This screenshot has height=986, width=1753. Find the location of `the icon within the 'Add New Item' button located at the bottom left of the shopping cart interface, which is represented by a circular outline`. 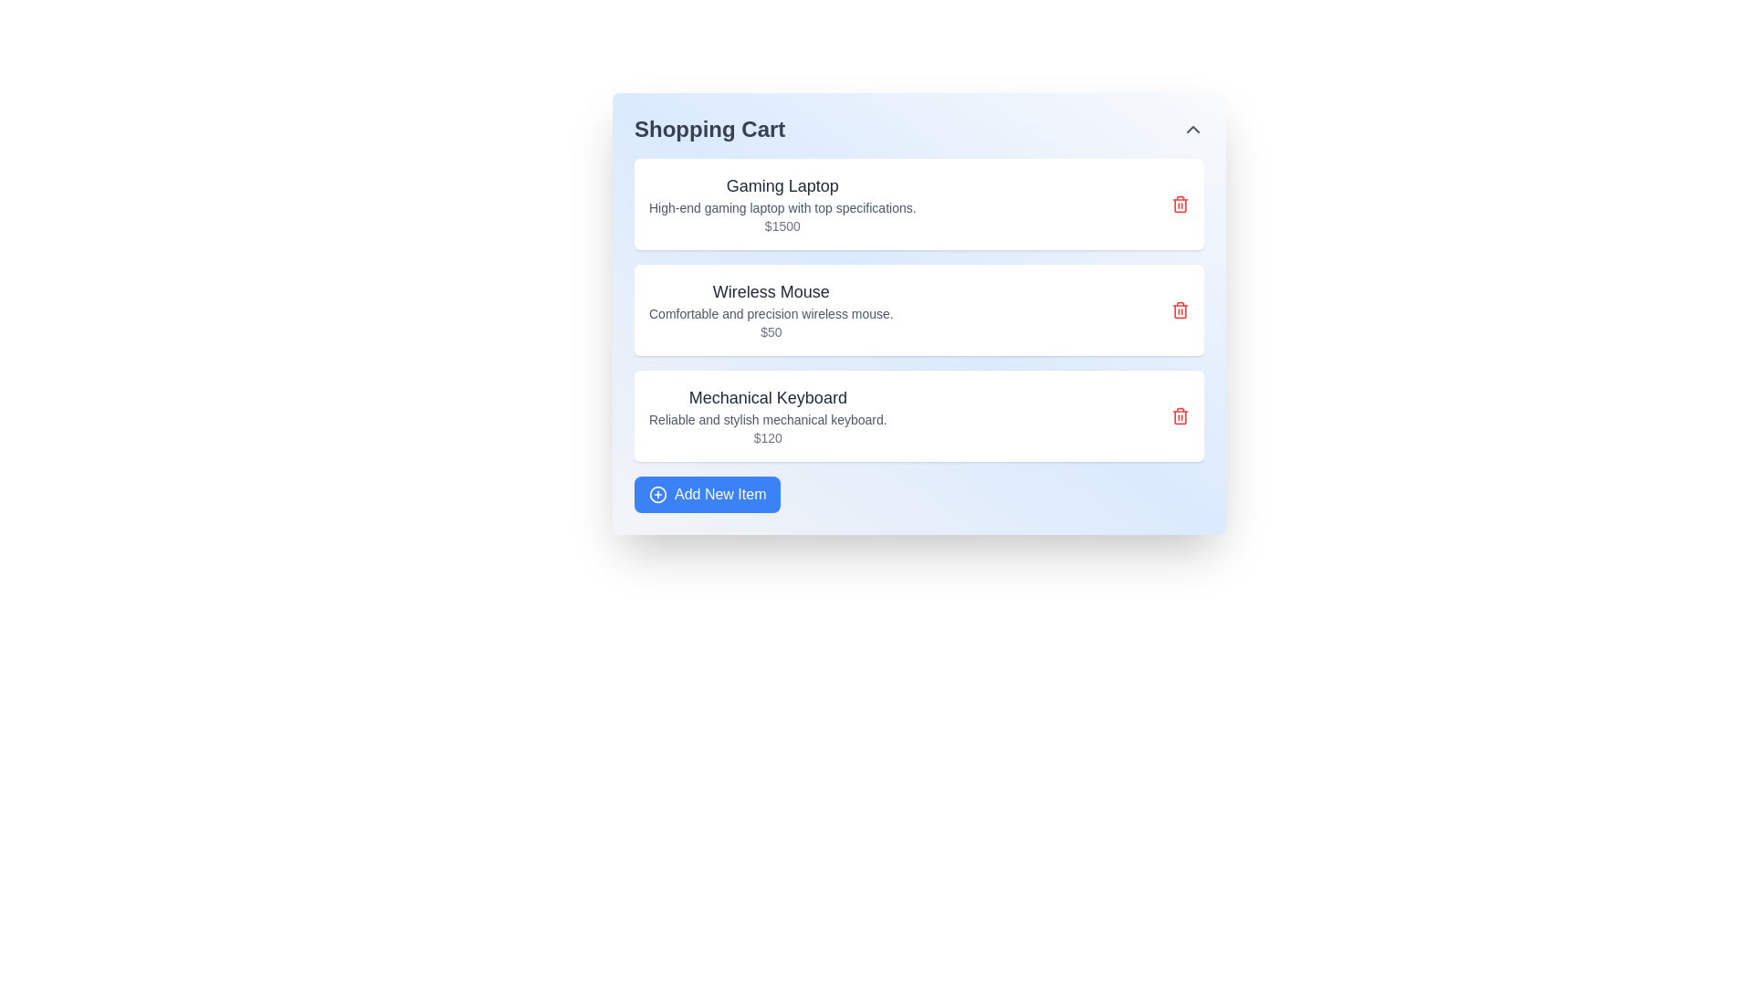

the icon within the 'Add New Item' button located at the bottom left of the shopping cart interface, which is represented by a circular outline is located at coordinates (657, 495).